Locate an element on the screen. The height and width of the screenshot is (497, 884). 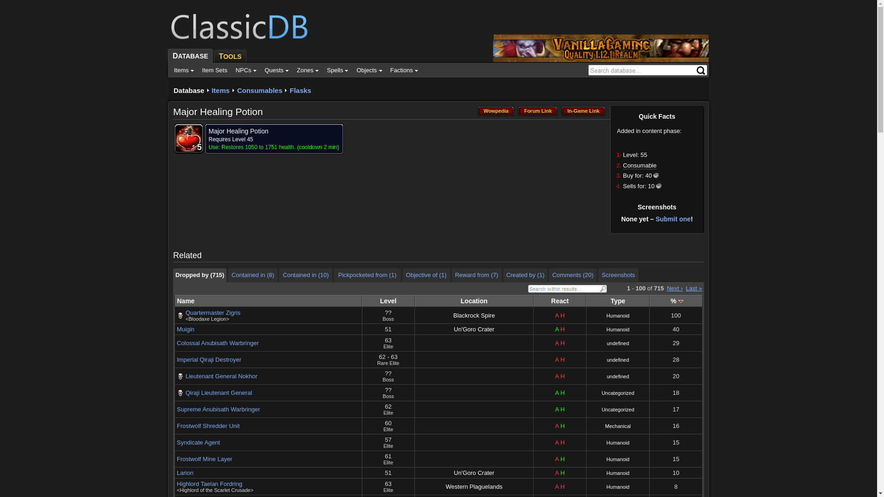
'%' is located at coordinates (676, 301).